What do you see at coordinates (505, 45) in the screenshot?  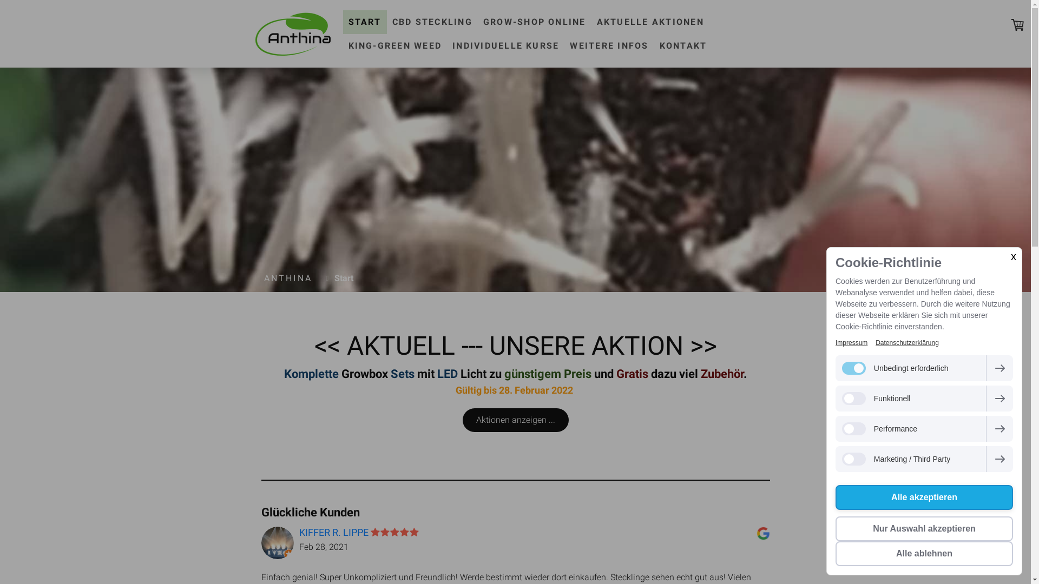 I see `'INDIVIDUELLE KURSE'` at bounding box center [505, 45].